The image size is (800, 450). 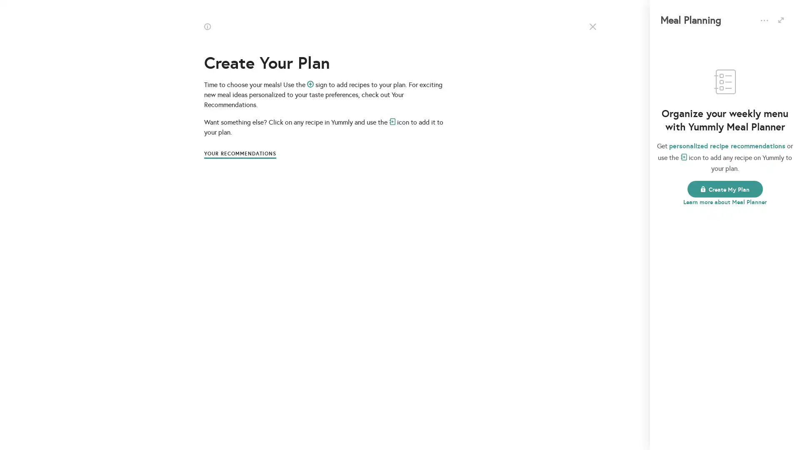 I want to click on Paleo, so click(x=515, y=171).